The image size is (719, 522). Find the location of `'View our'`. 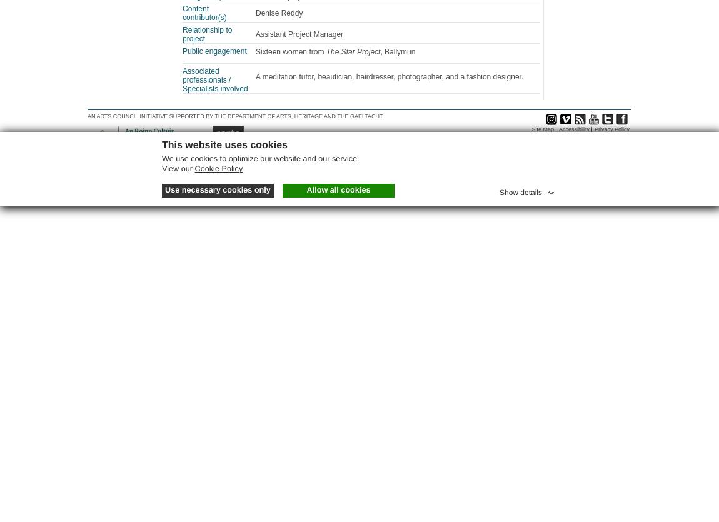

'View our' is located at coordinates (177, 168).